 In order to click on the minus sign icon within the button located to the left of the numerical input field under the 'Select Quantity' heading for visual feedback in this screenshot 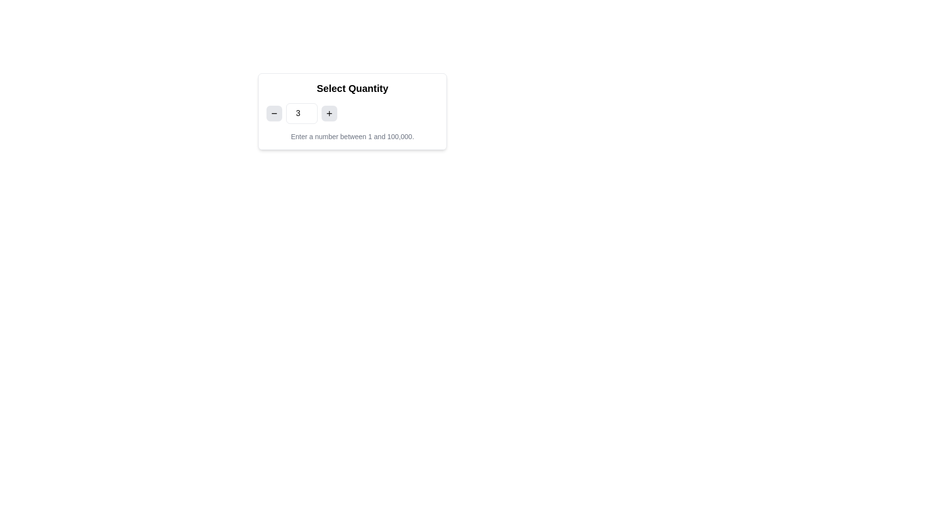, I will do `click(274, 113)`.